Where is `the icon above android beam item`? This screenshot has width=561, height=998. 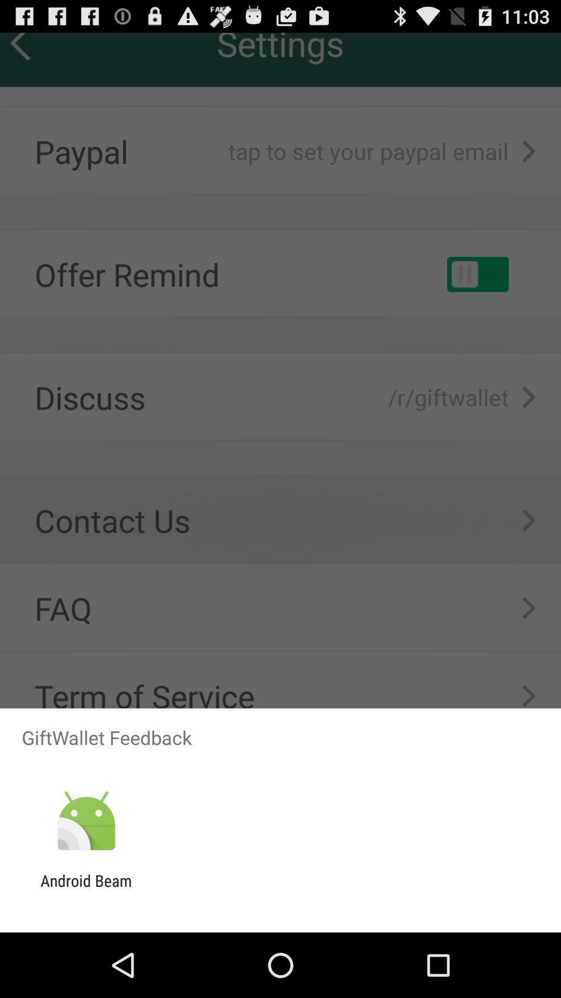 the icon above android beam item is located at coordinates (86, 821).